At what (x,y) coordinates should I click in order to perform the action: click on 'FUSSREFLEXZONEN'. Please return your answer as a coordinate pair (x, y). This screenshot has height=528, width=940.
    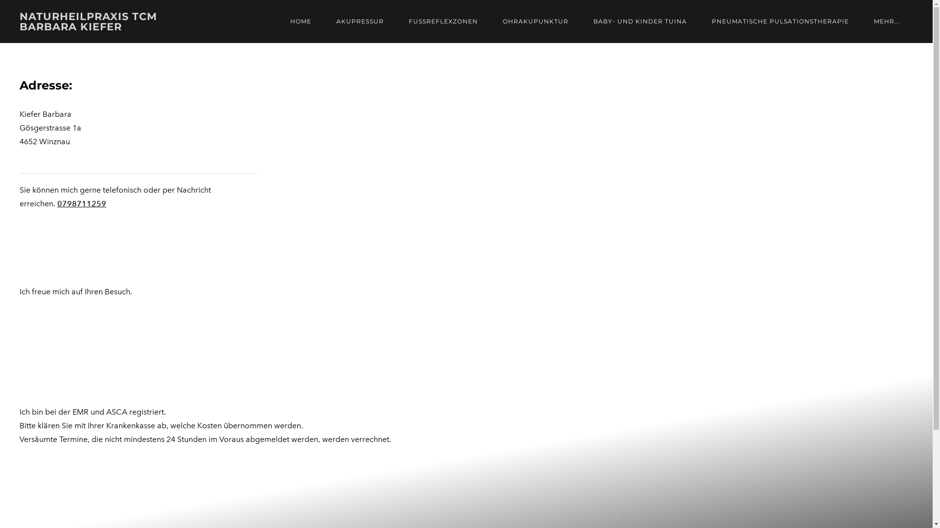
    Looking at the image, I should click on (443, 21).